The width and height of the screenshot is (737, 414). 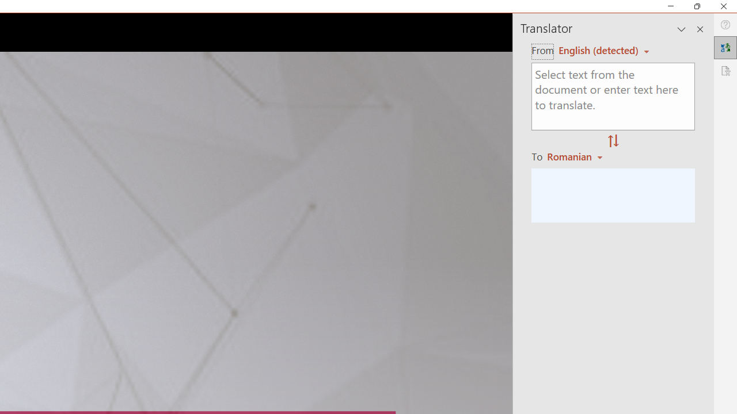 I want to click on 'Swap "from" and "to" languages.', so click(x=613, y=140).